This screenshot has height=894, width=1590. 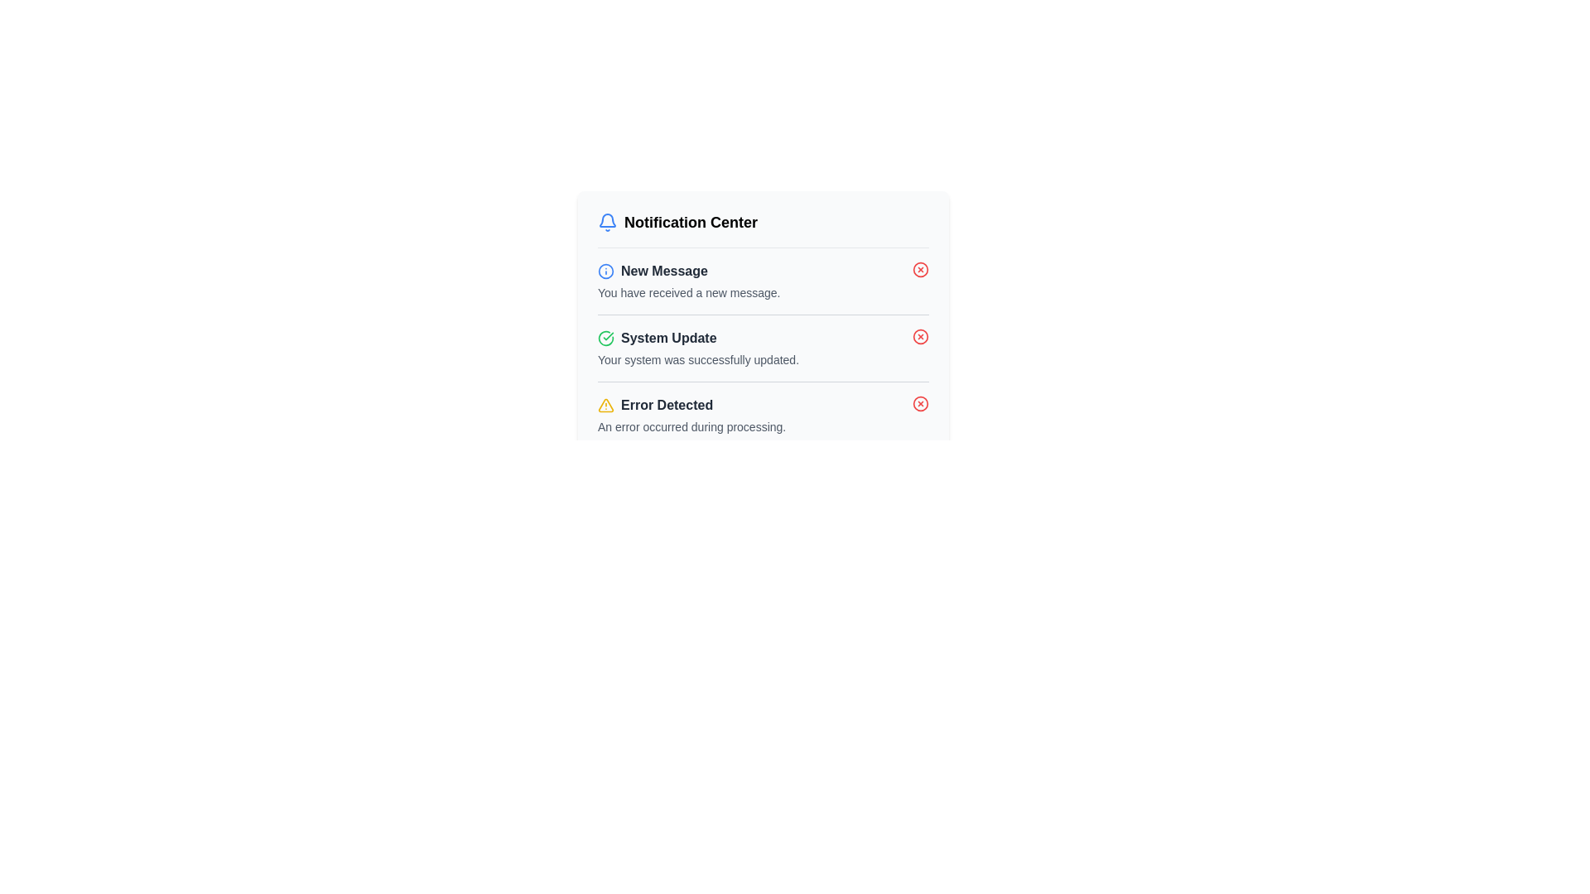 What do you see at coordinates (698, 337) in the screenshot?
I see `the 'System Update' notification header, which features a green circular checkmark icon and bold text, located in the Notification Center panel` at bounding box center [698, 337].